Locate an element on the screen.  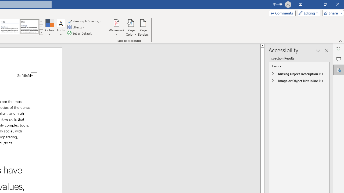
'Editing' is located at coordinates (307, 13).